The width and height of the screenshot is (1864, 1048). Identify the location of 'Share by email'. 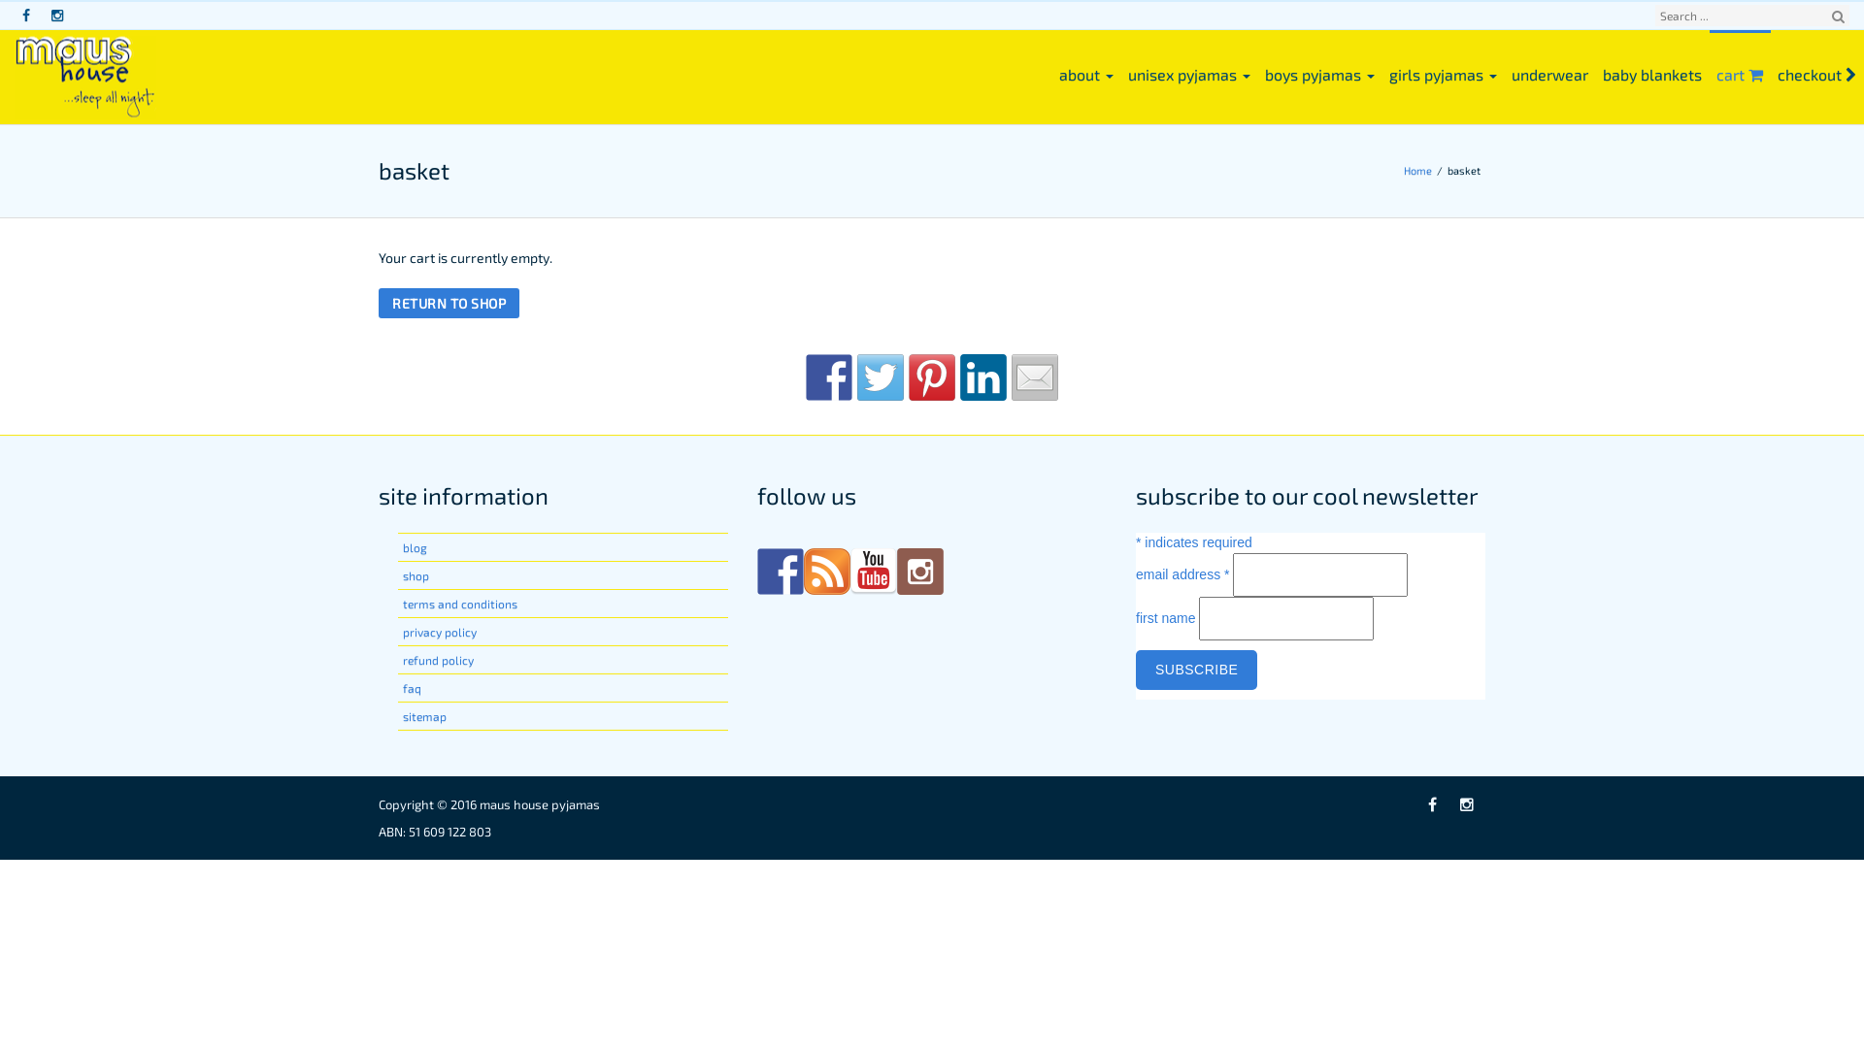
(1010, 377).